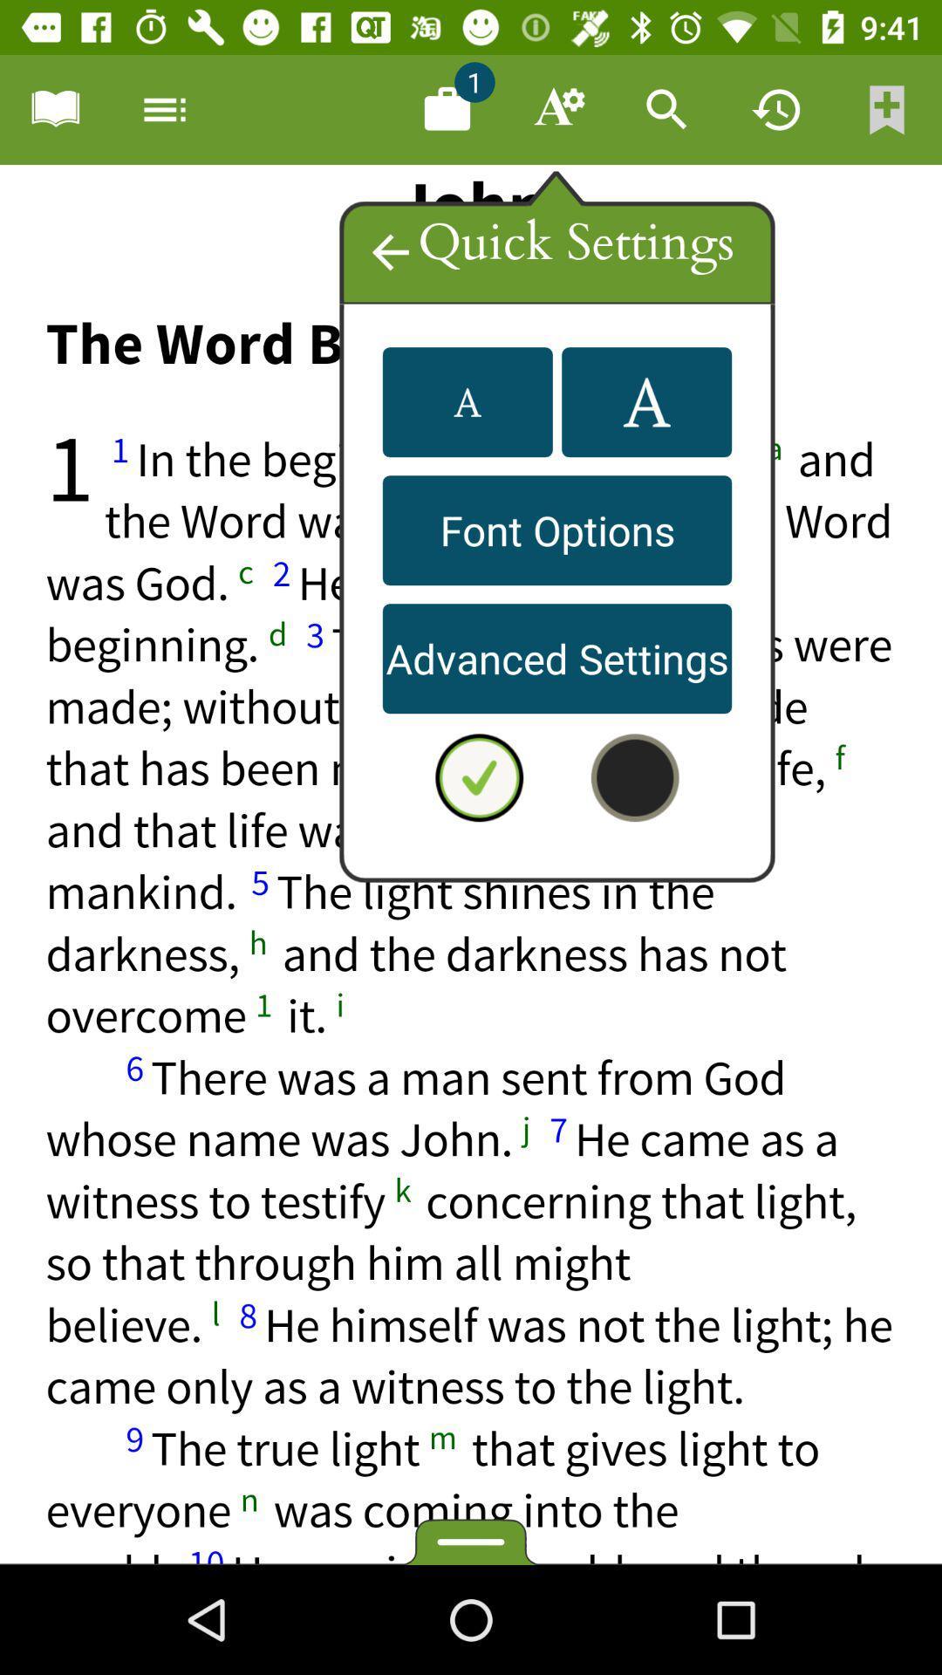  What do you see at coordinates (557, 108) in the screenshot?
I see `text settings` at bounding box center [557, 108].